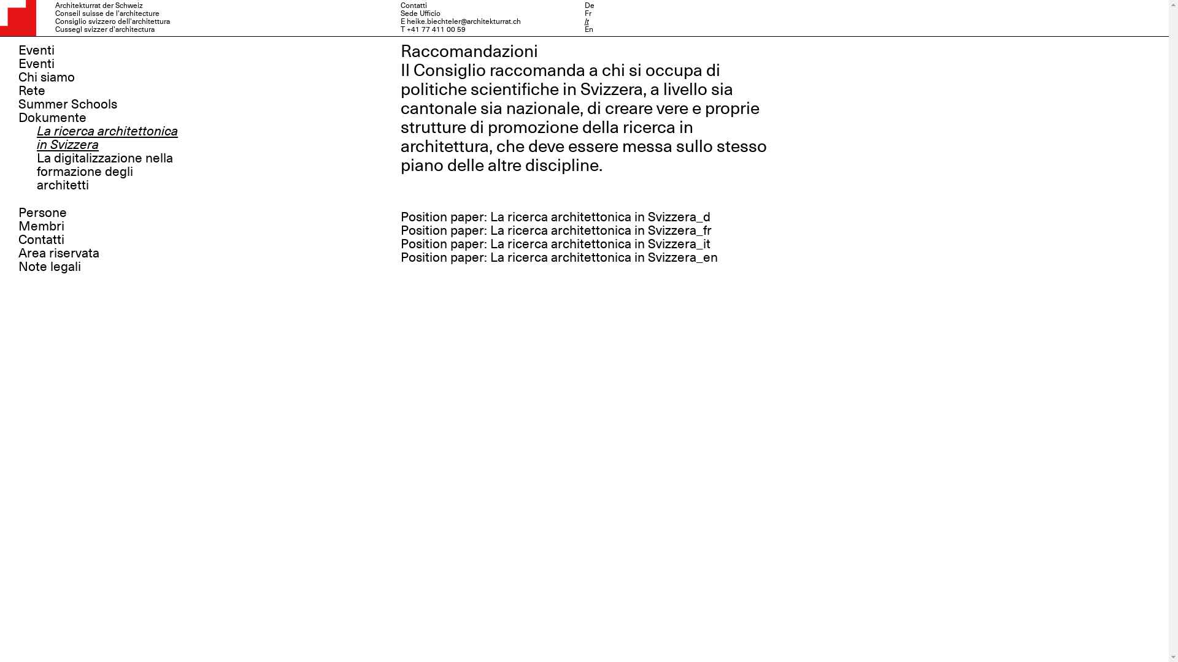 The width and height of the screenshot is (1178, 662). Describe the element at coordinates (105, 172) in the screenshot. I see `'La digitalizzazione nella formazione degli architetti'` at that location.